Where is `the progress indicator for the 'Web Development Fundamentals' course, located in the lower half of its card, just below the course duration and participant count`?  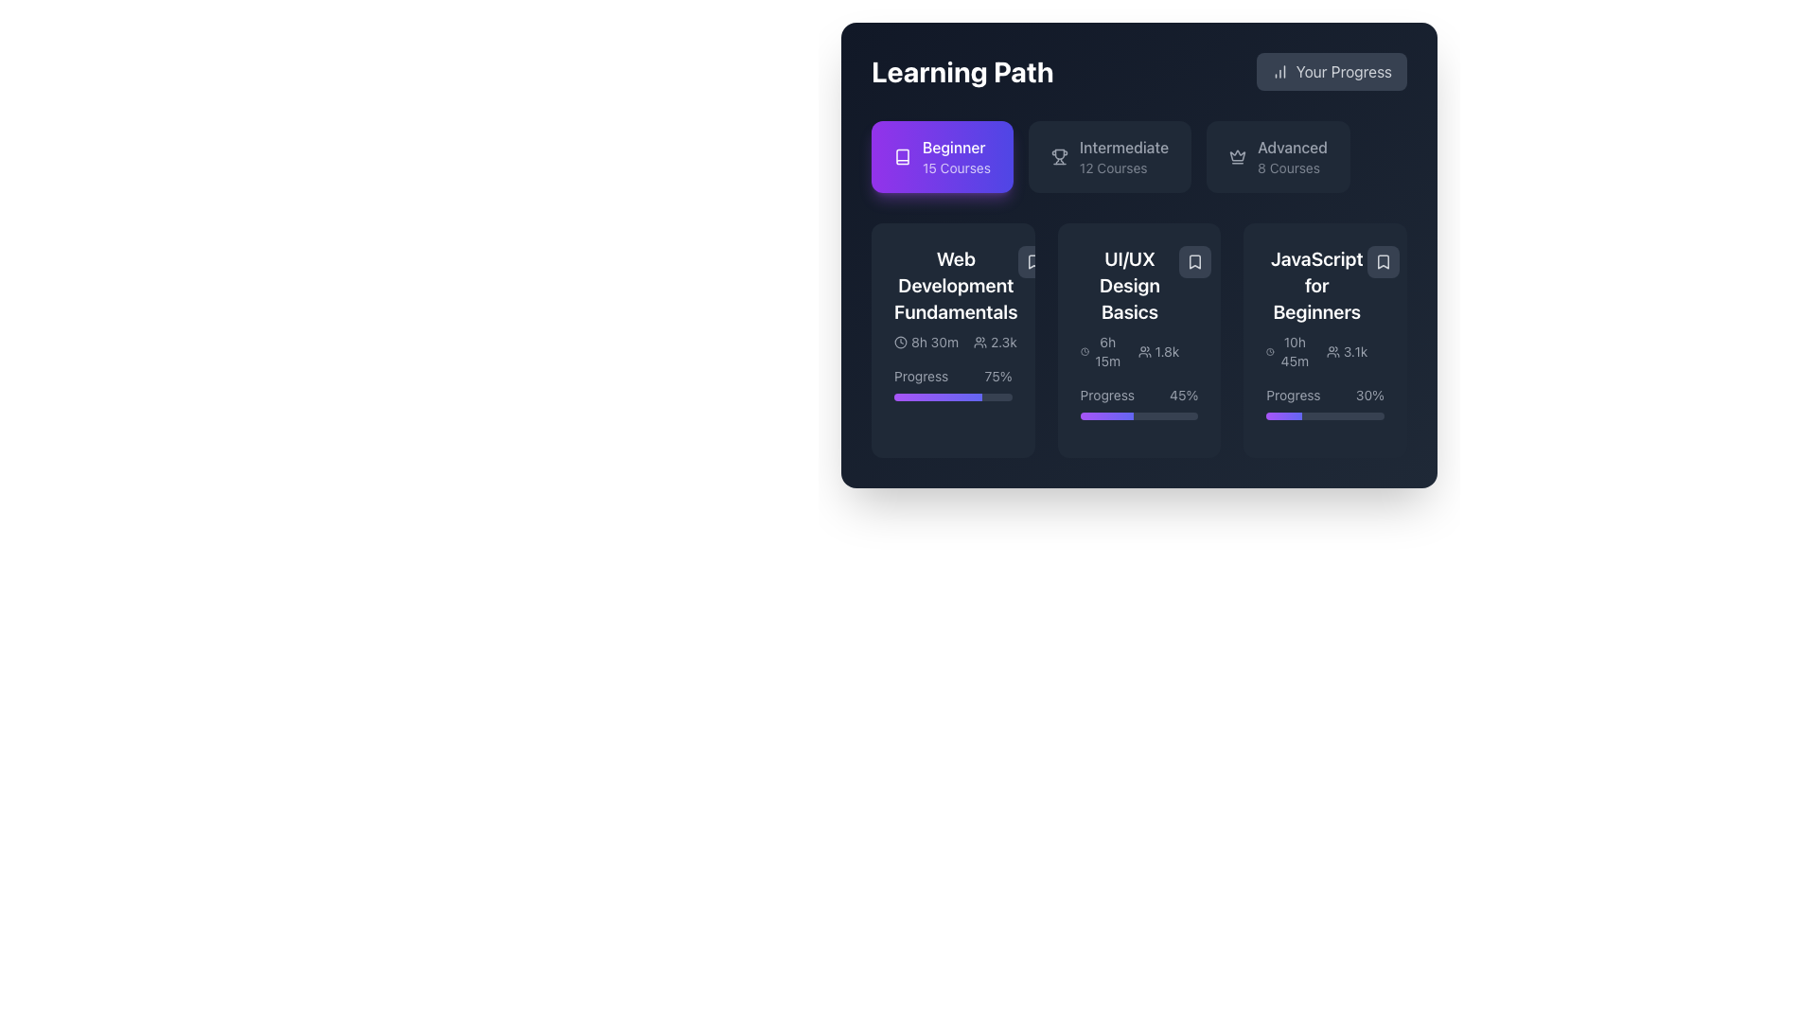 the progress indicator for the 'Web Development Fundamentals' course, located in the lower half of its card, just below the course duration and participant count is located at coordinates (953, 383).